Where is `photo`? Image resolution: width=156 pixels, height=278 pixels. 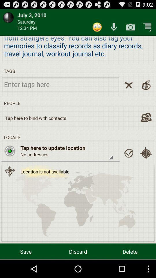 photo is located at coordinates (130, 27).